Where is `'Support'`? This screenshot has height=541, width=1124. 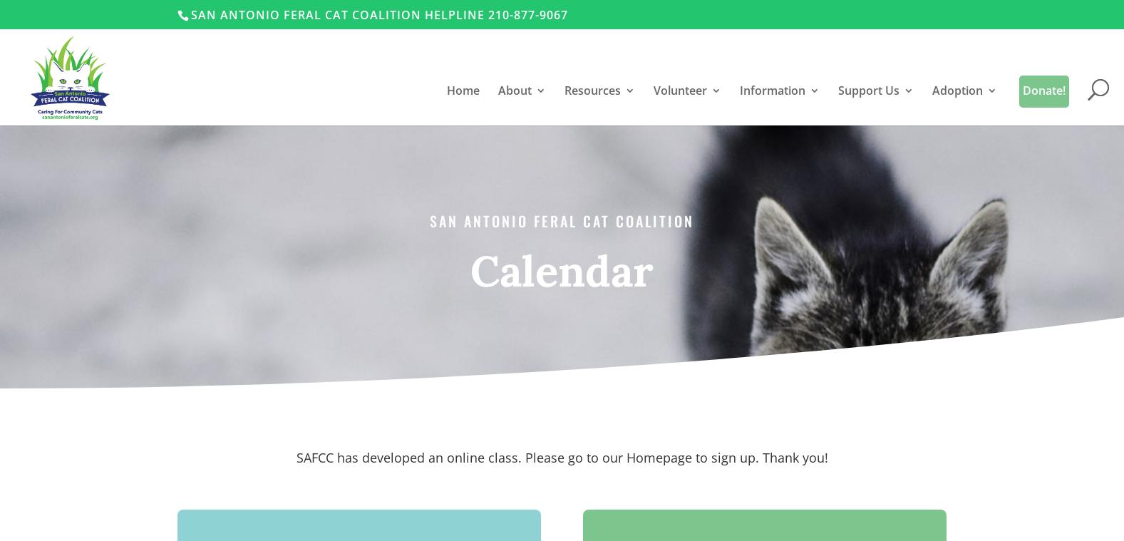 'Support' is located at coordinates (546, 250).